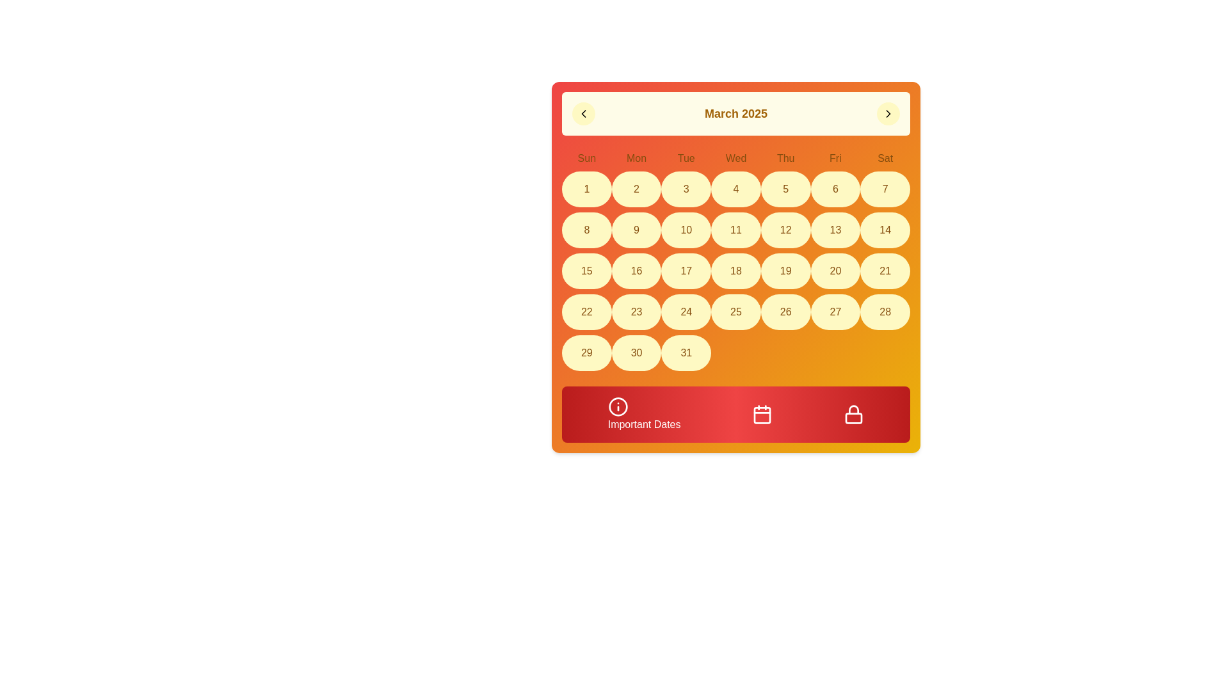 Image resolution: width=1229 pixels, height=691 pixels. Describe the element at coordinates (762, 415) in the screenshot. I see `the central calendar button, which is a red rectangular shape with rounded corners, located in the bottom toolbar of the interface` at that location.